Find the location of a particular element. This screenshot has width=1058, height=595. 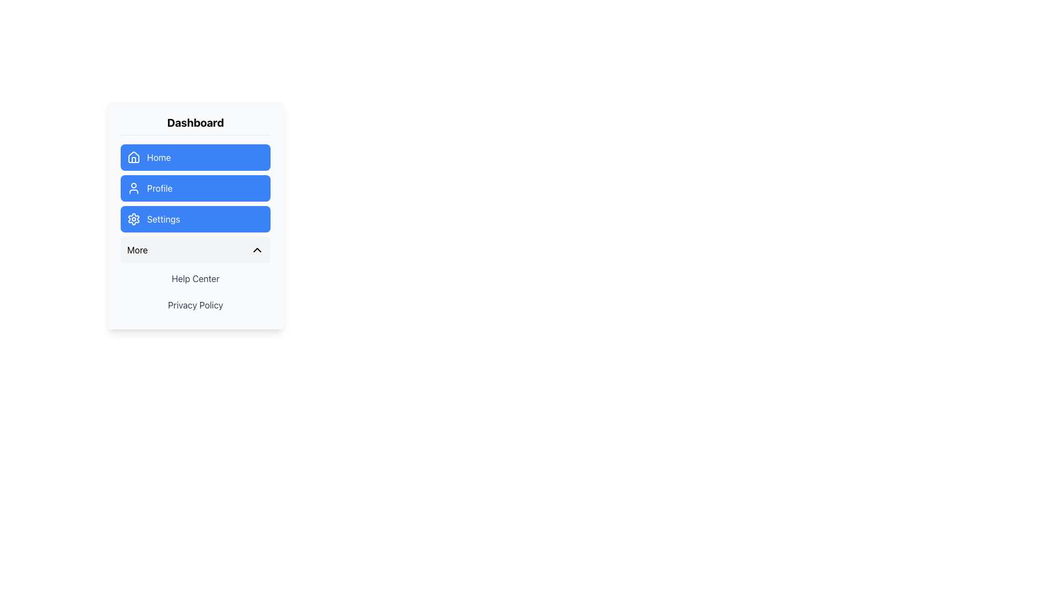

the 'Home' icon located at the top of the navigation sidebar is located at coordinates (133, 157).